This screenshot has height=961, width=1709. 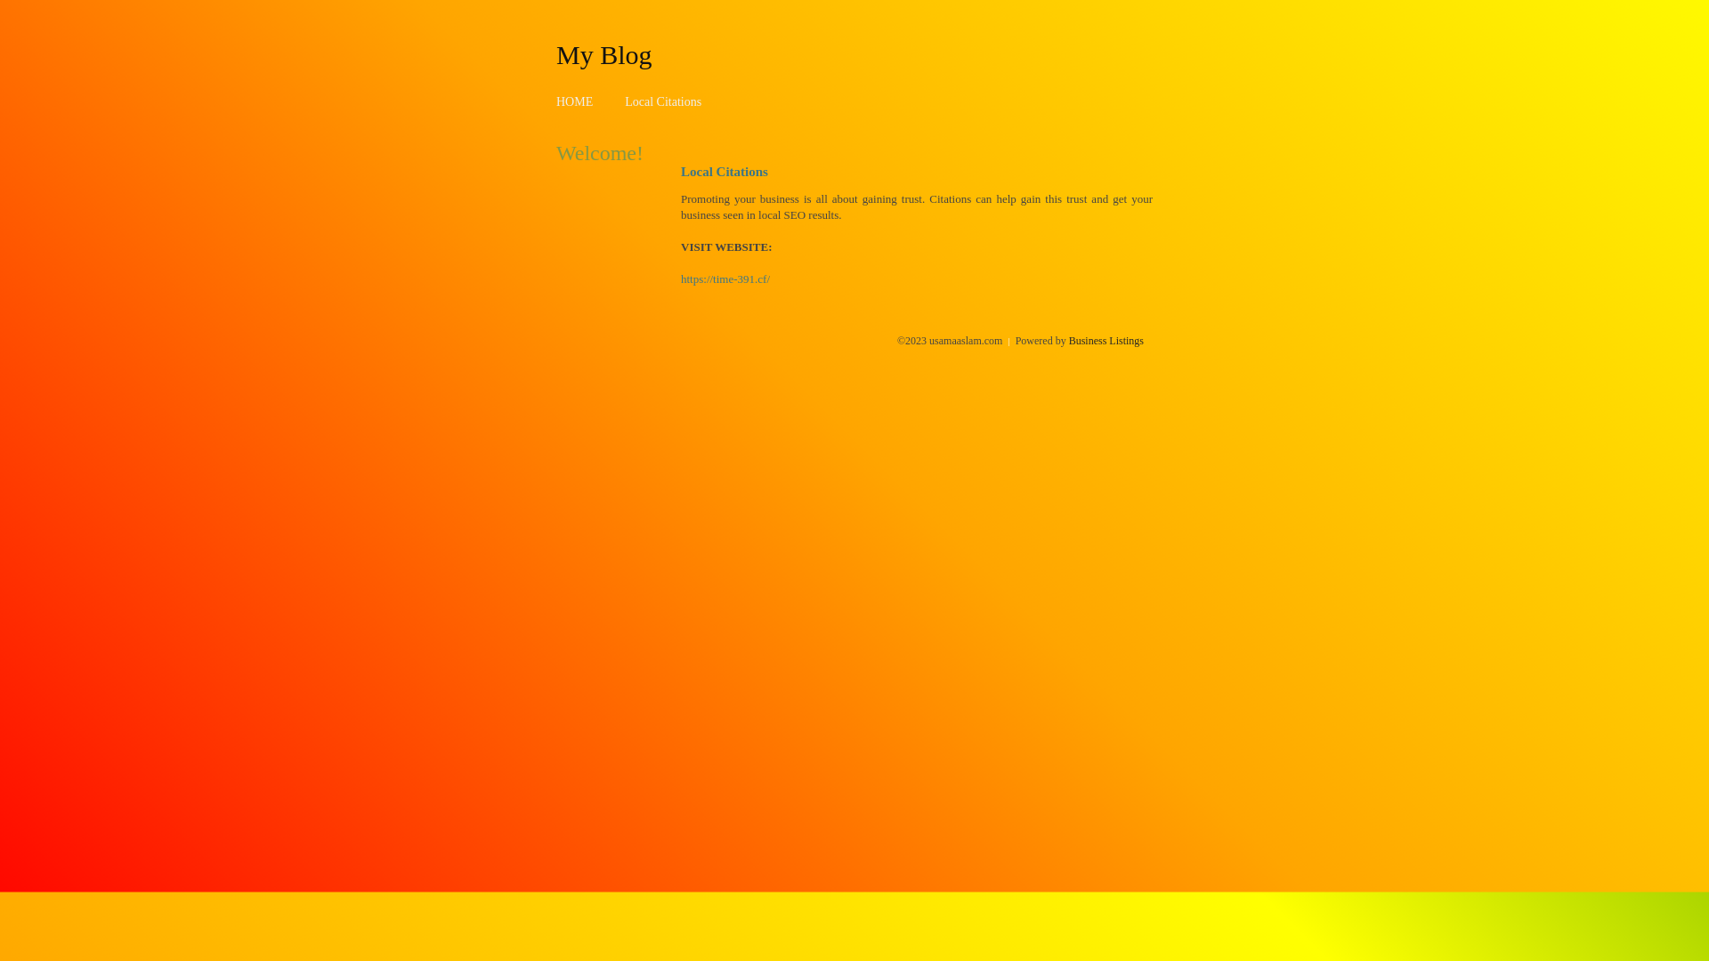 What do you see at coordinates (1106, 340) in the screenshot?
I see `'Business Listings'` at bounding box center [1106, 340].